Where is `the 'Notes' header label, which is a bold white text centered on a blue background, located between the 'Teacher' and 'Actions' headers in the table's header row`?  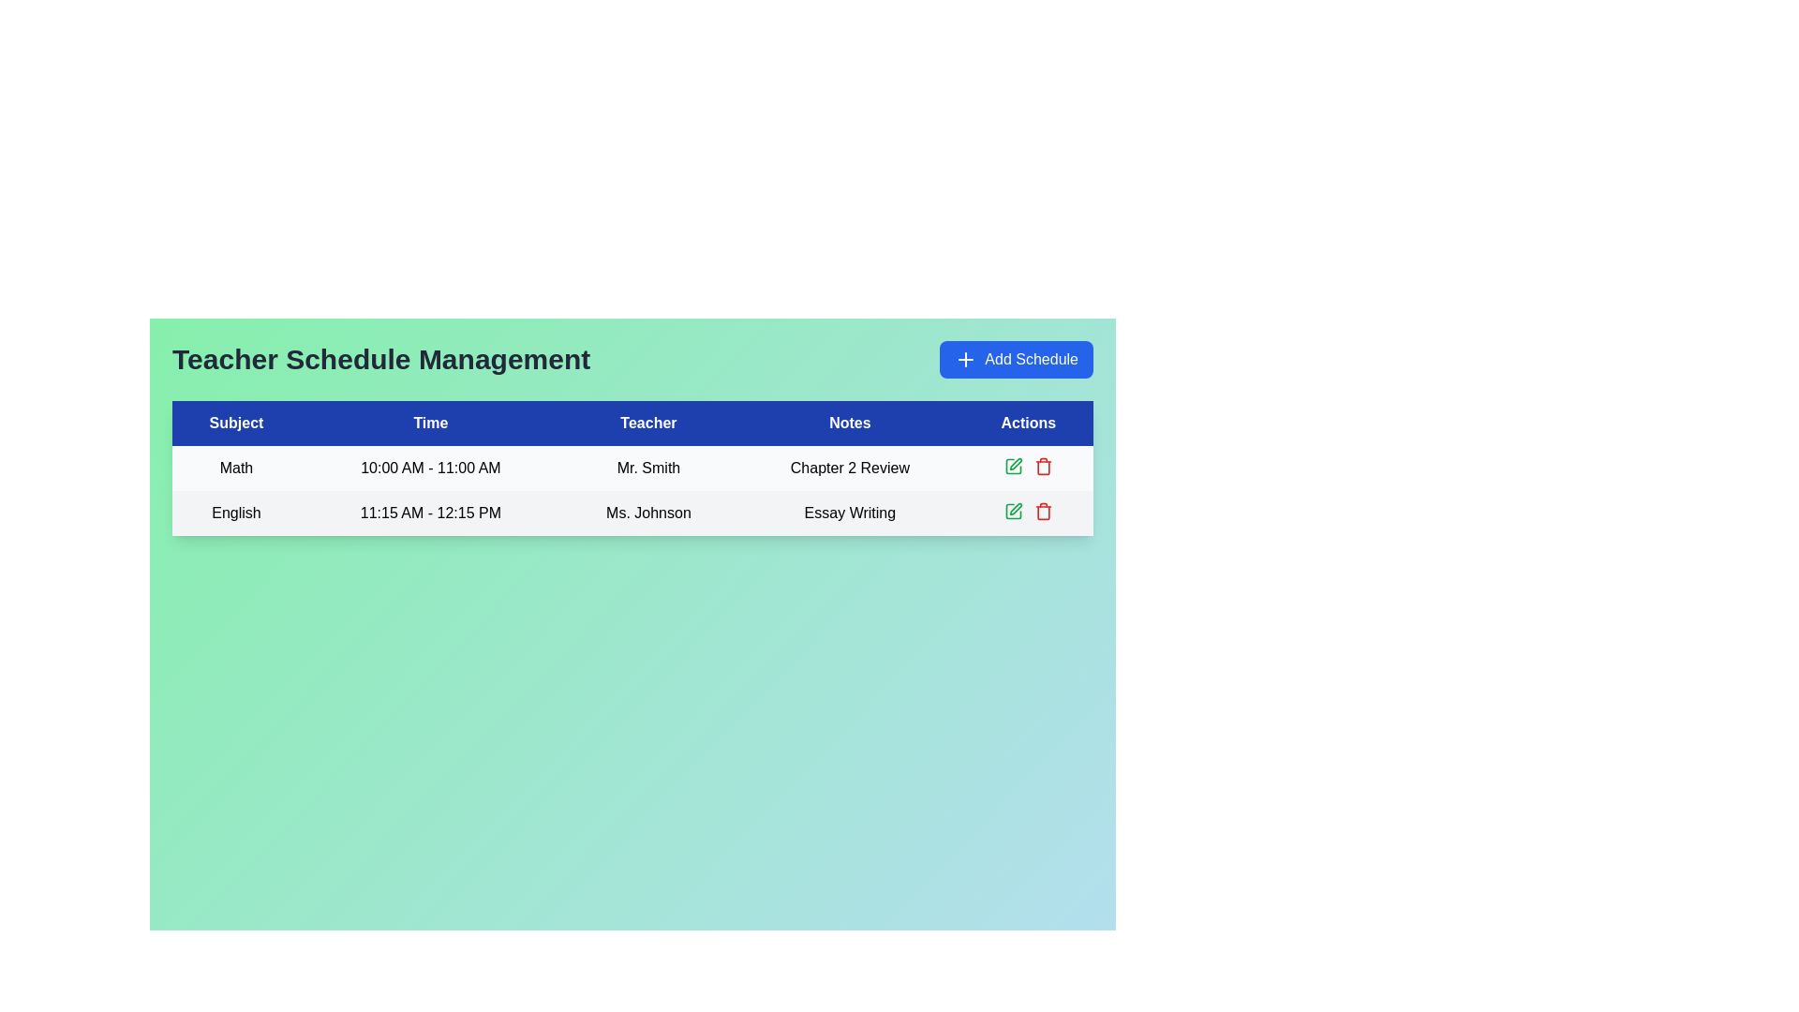 the 'Notes' header label, which is a bold white text centered on a blue background, located between the 'Teacher' and 'Actions' headers in the table's header row is located at coordinates (849, 423).